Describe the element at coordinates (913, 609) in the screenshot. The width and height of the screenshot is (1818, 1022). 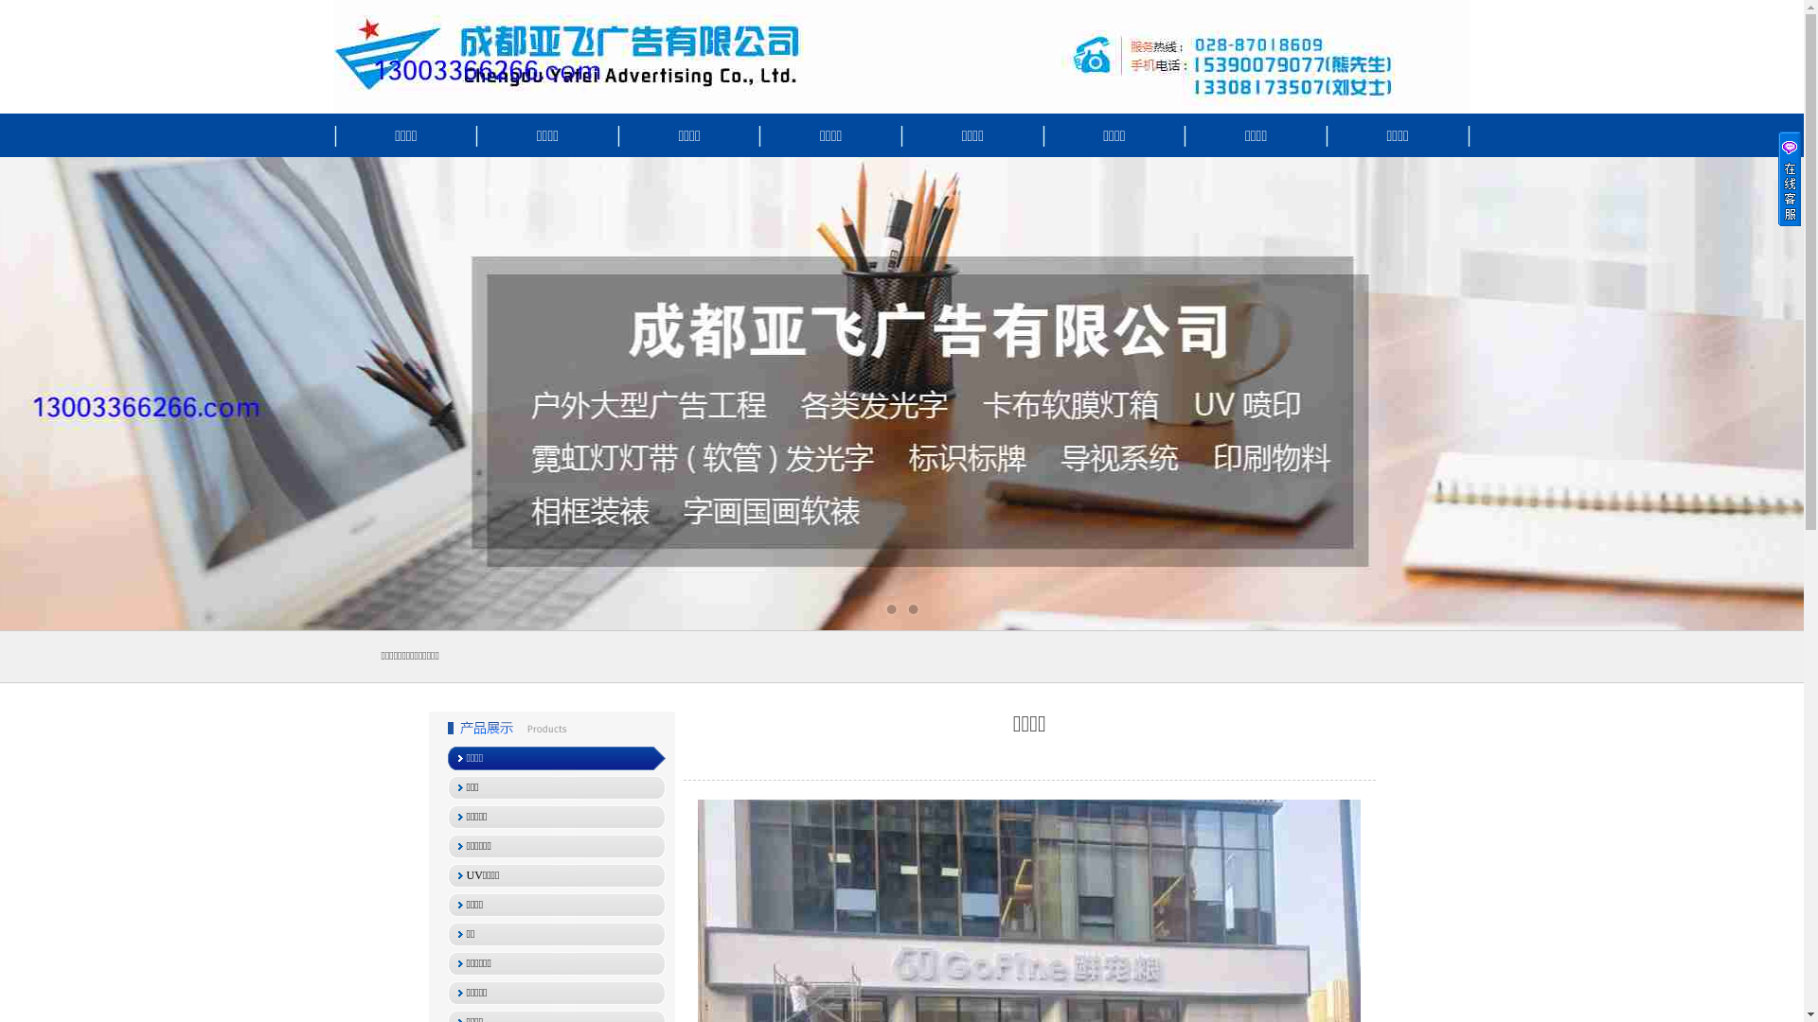
I see `'2'` at that location.